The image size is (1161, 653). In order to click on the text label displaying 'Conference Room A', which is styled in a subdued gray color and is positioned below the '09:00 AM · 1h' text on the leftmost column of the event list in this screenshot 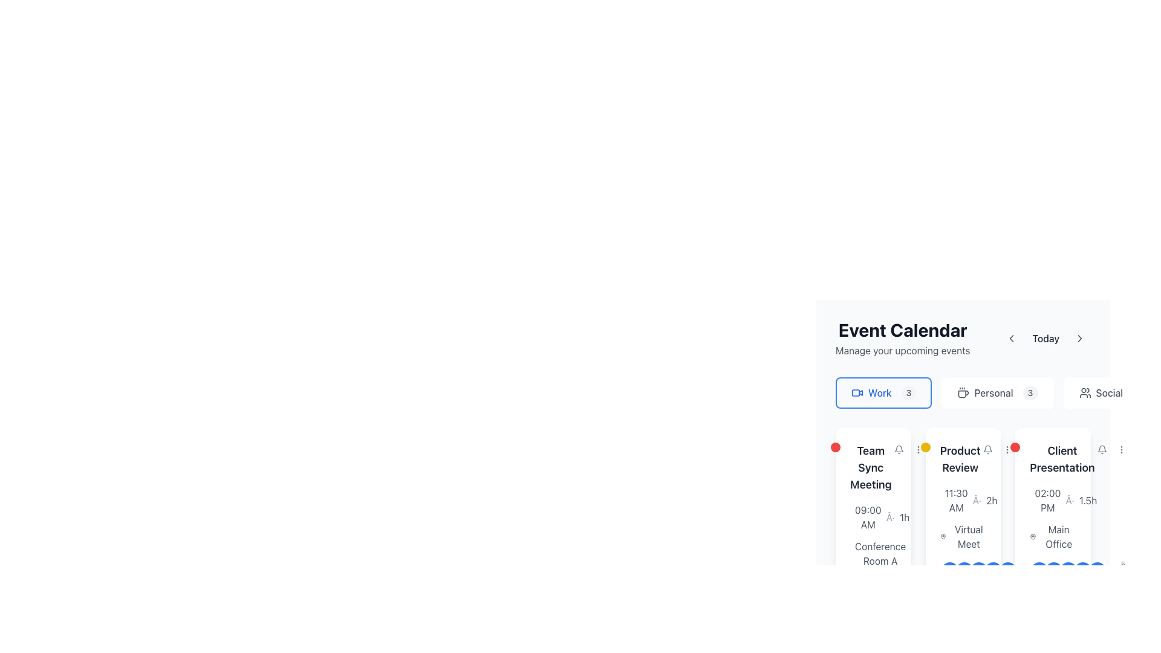, I will do `click(873, 553)`.